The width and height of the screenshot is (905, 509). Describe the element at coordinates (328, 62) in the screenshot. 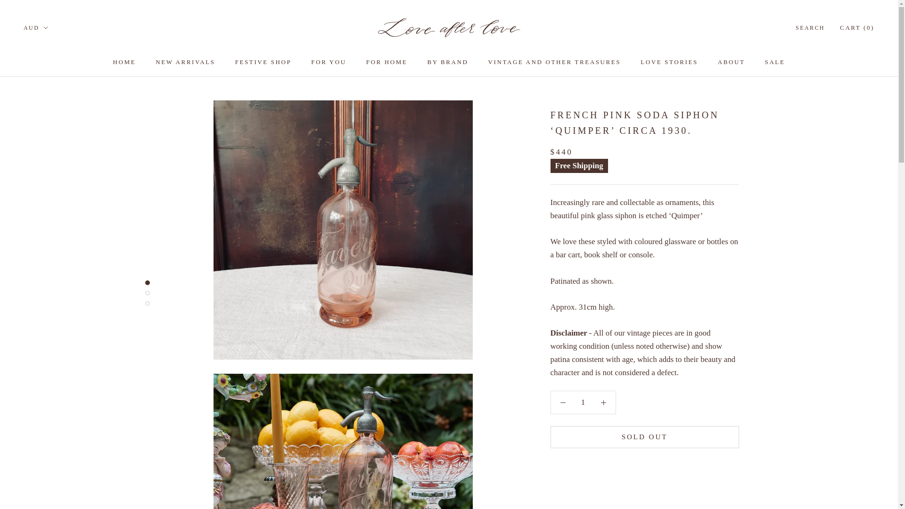

I see `'FOR YOU'` at that location.